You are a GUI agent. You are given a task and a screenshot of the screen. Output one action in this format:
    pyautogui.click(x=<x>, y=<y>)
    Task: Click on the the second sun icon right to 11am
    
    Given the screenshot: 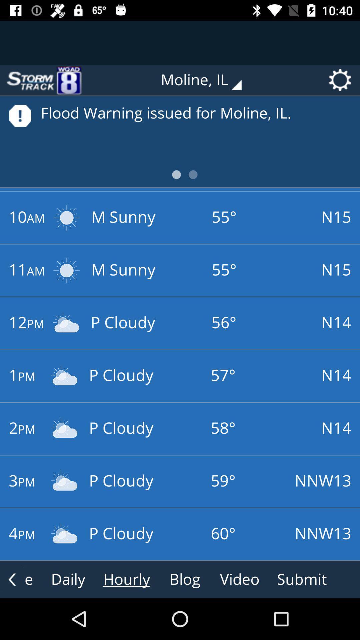 What is the action you would take?
    pyautogui.click(x=67, y=270)
    